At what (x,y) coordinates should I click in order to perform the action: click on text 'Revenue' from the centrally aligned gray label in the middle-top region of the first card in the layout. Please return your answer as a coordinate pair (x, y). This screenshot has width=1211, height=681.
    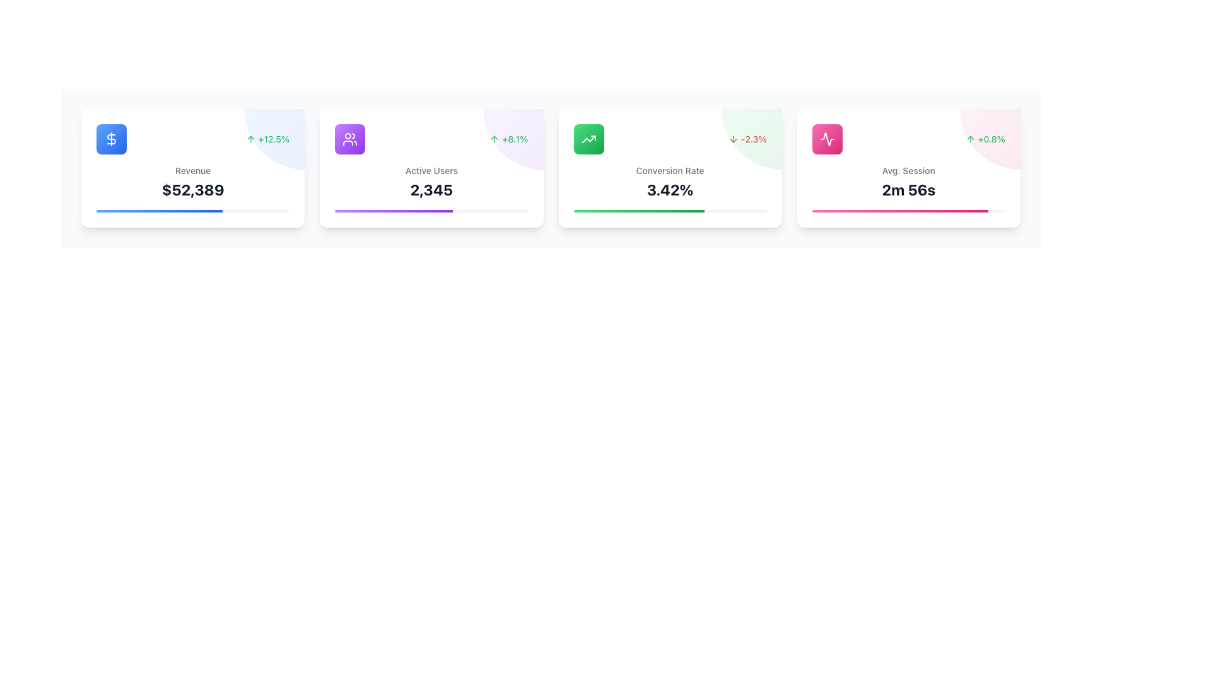
    Looking at the image, I should click on (192, 170).